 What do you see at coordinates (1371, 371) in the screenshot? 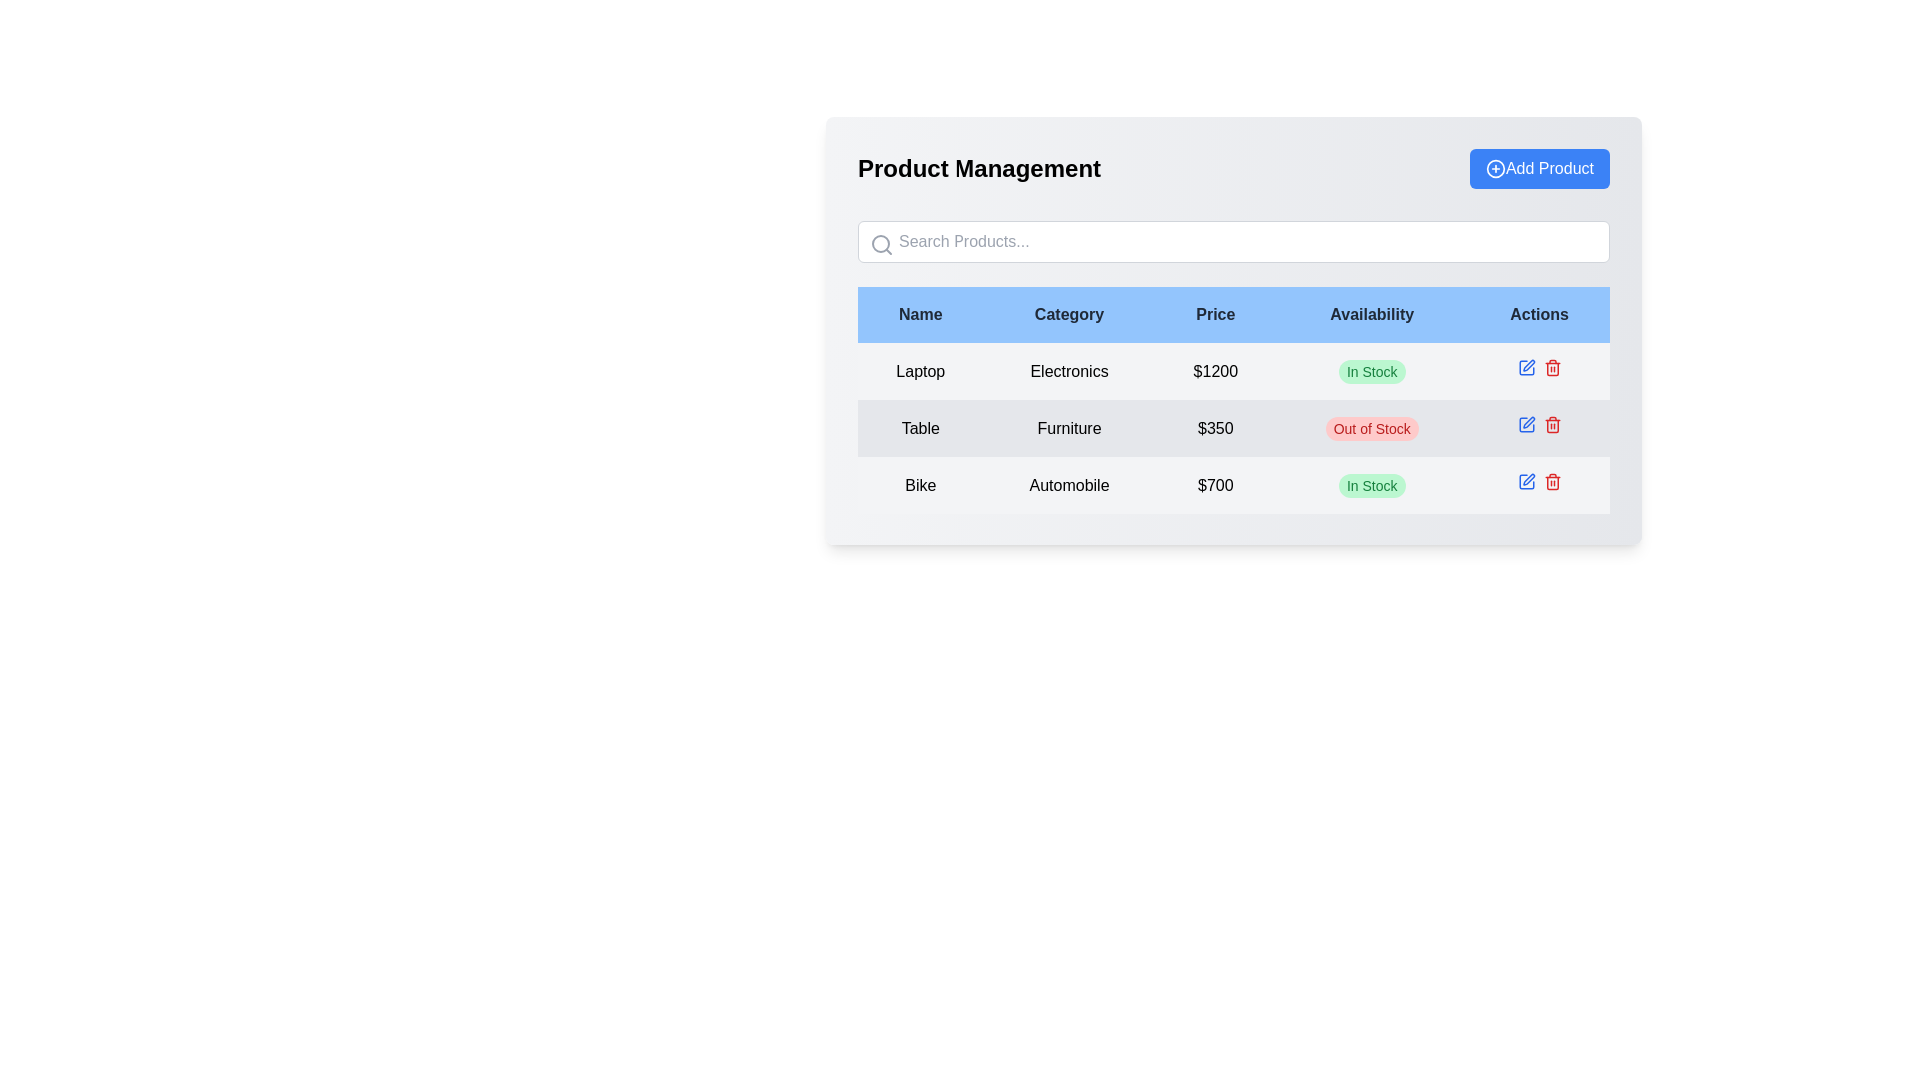
I see `the Availability Badge that indicates the Laptop product is currently in stock, located in the fourth column under the Availability header` at bounding box center [1371, 371].